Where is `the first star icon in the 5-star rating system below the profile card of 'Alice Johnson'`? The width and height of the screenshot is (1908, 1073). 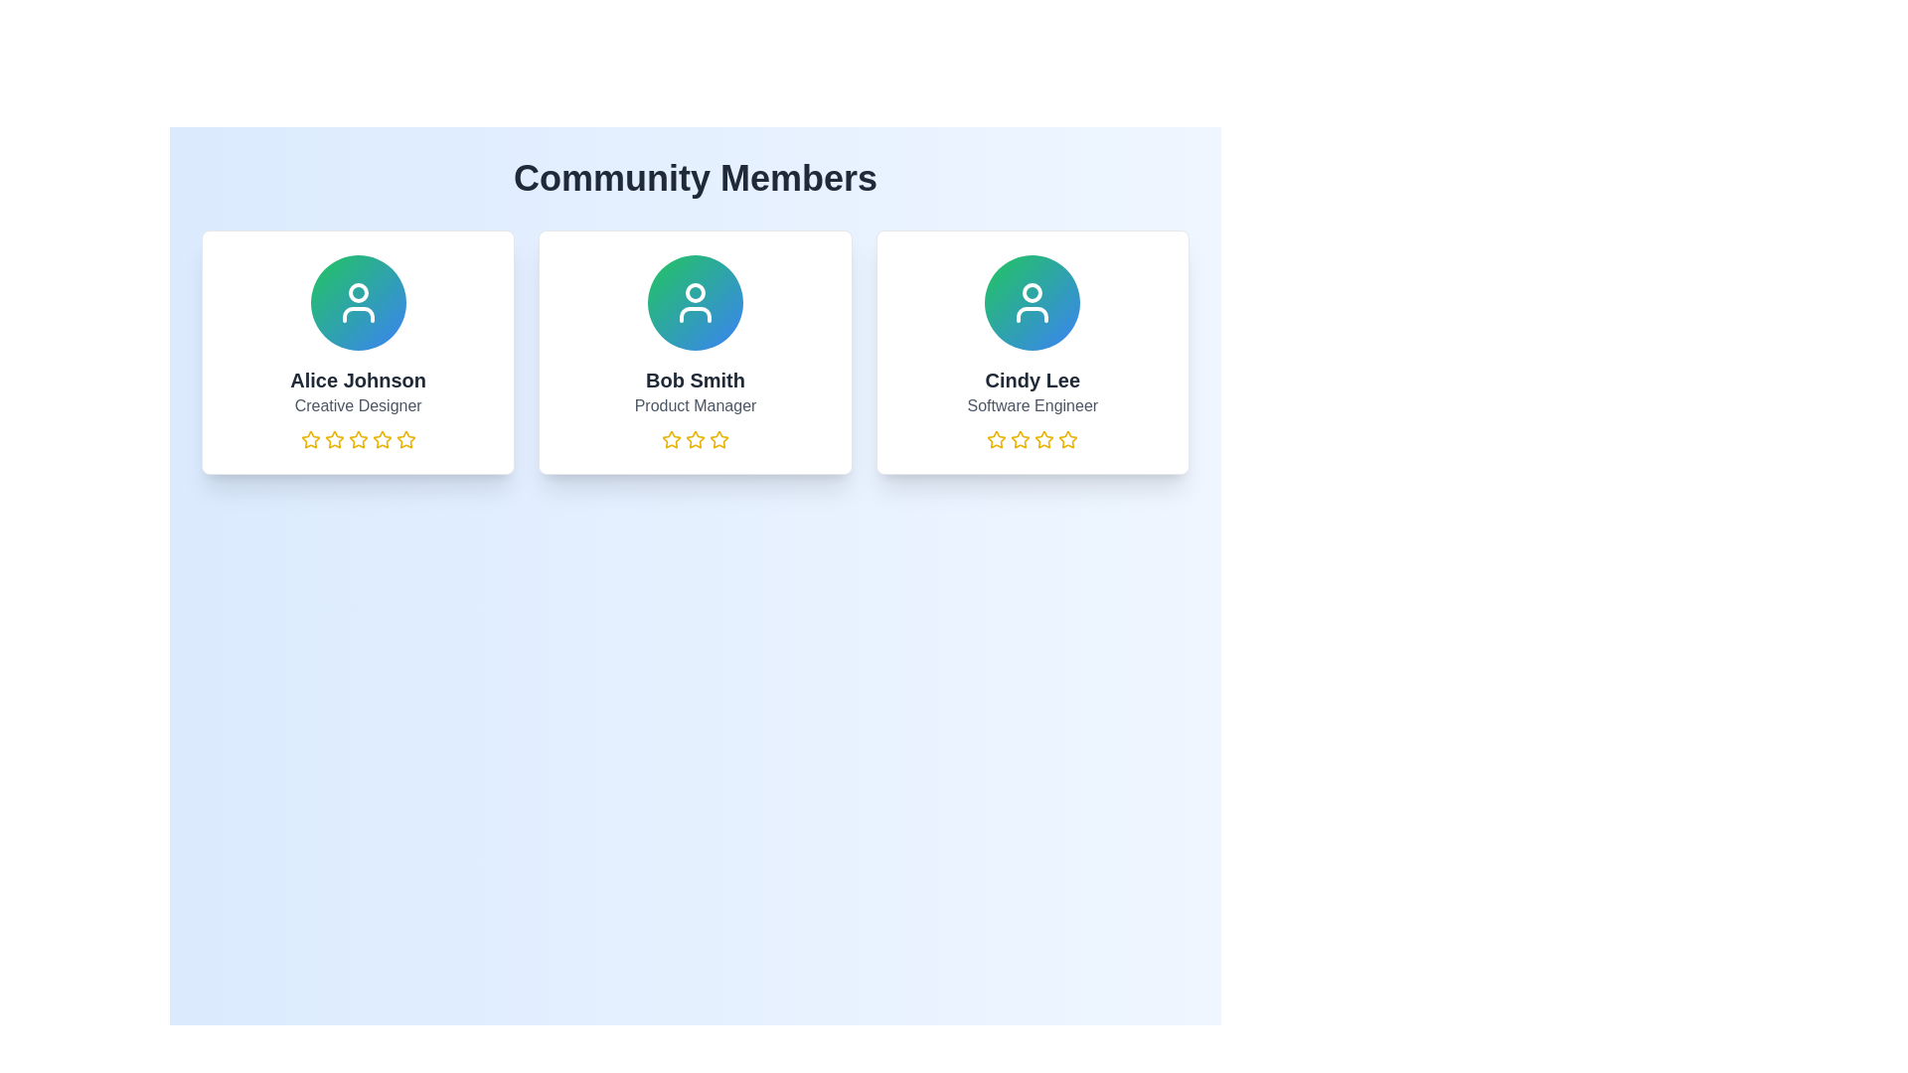 the first star icon in the 5-star rating system below the profile card of 'Alice Johnson' is located at coordinates (309, 439).